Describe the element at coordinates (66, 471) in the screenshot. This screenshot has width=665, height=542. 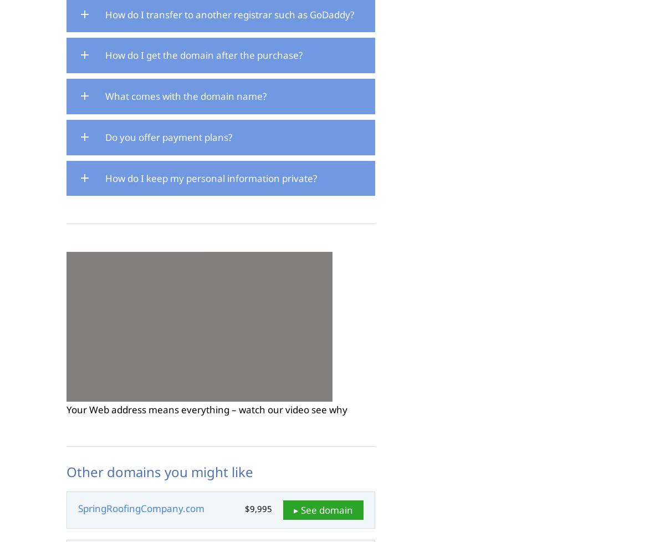
I see `'Other domains you might like'` at that location.